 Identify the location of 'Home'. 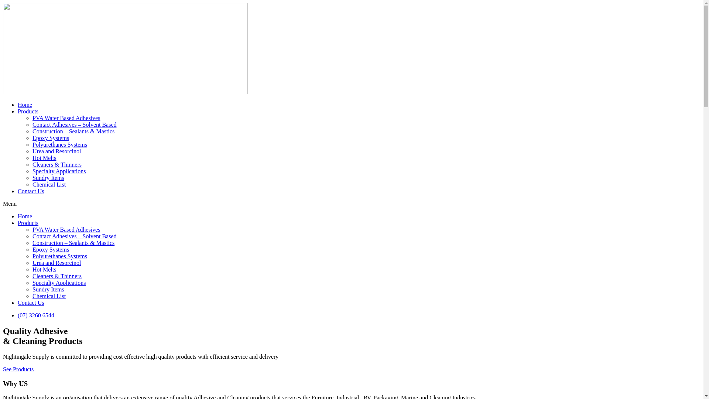
(25, 216).